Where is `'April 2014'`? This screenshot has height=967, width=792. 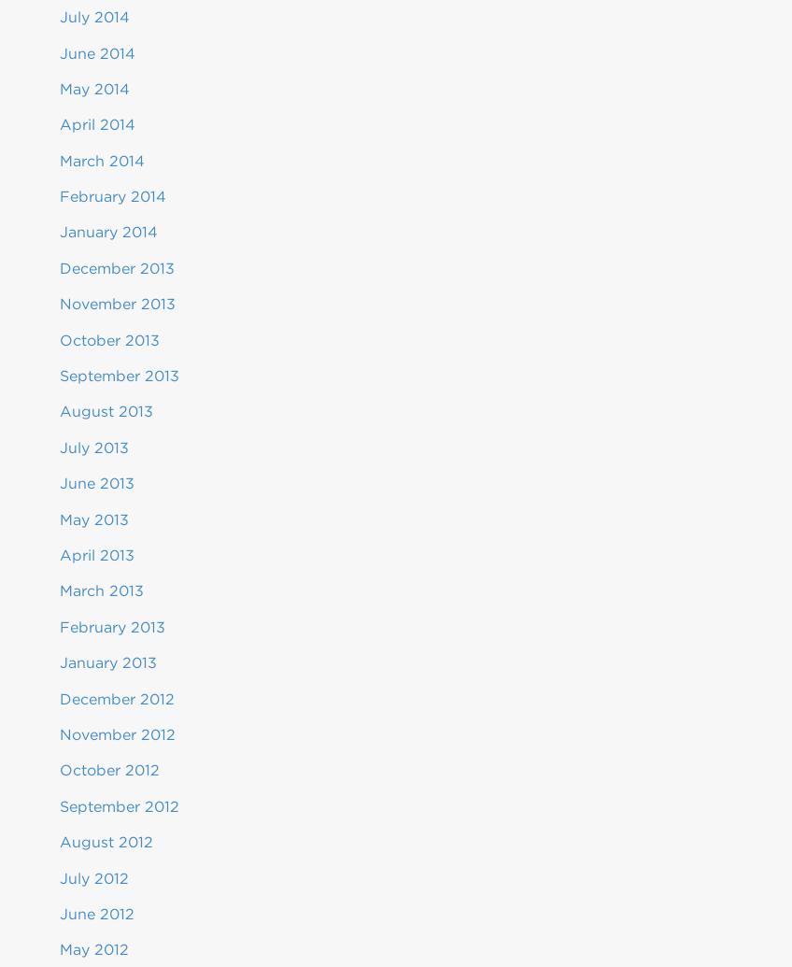
'April 2014' is located at coordinates (97, 124).